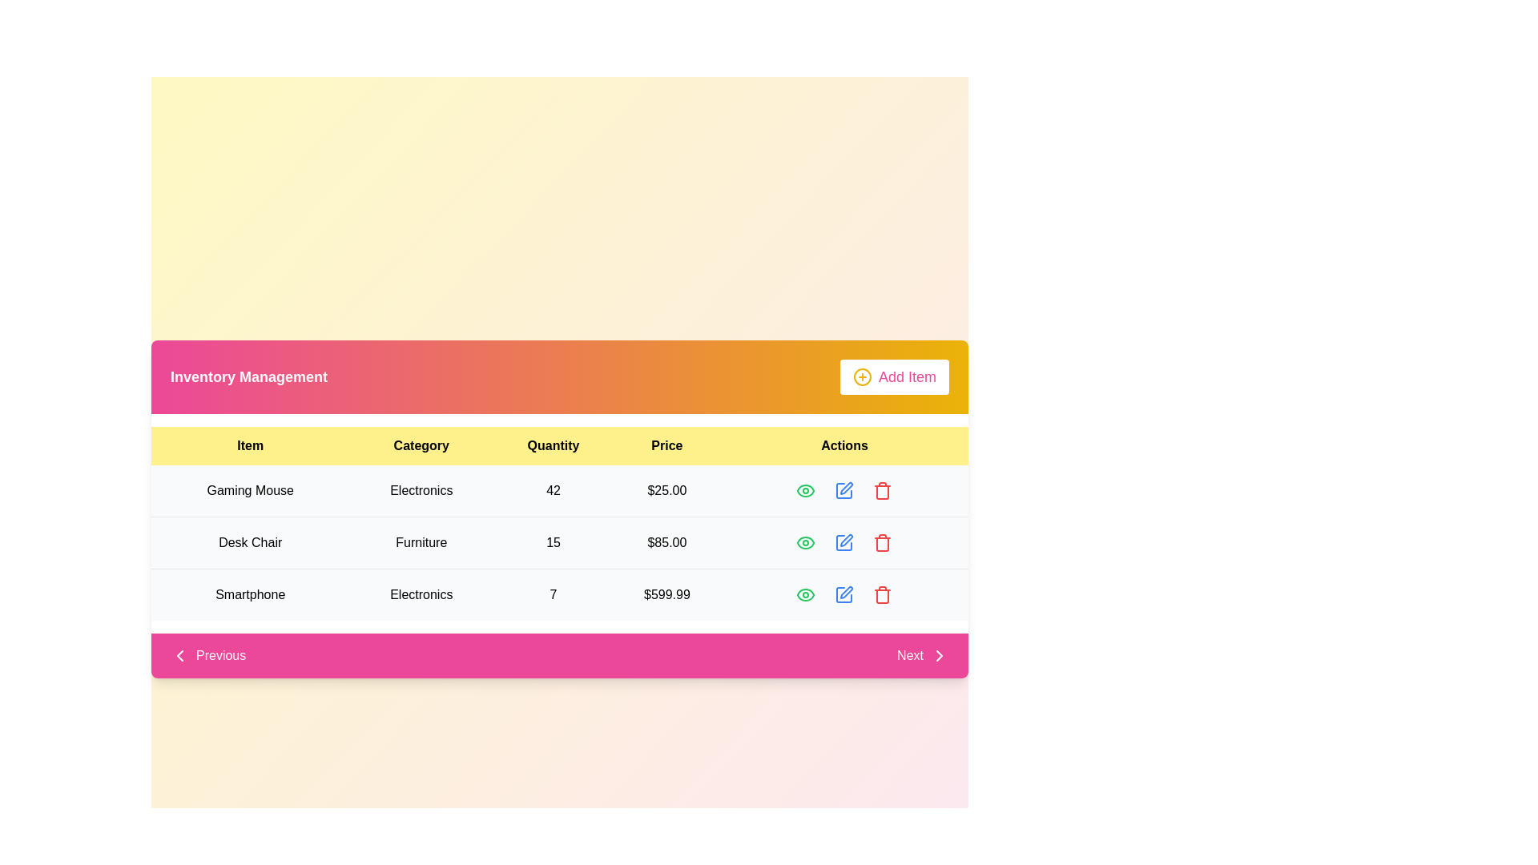  Describe the element at coordinates (806, 542) in the screenshot. I see `the first interactive icon in the 'Actions' column of the inventory table for the 'Desk Chair' entry` at that location.